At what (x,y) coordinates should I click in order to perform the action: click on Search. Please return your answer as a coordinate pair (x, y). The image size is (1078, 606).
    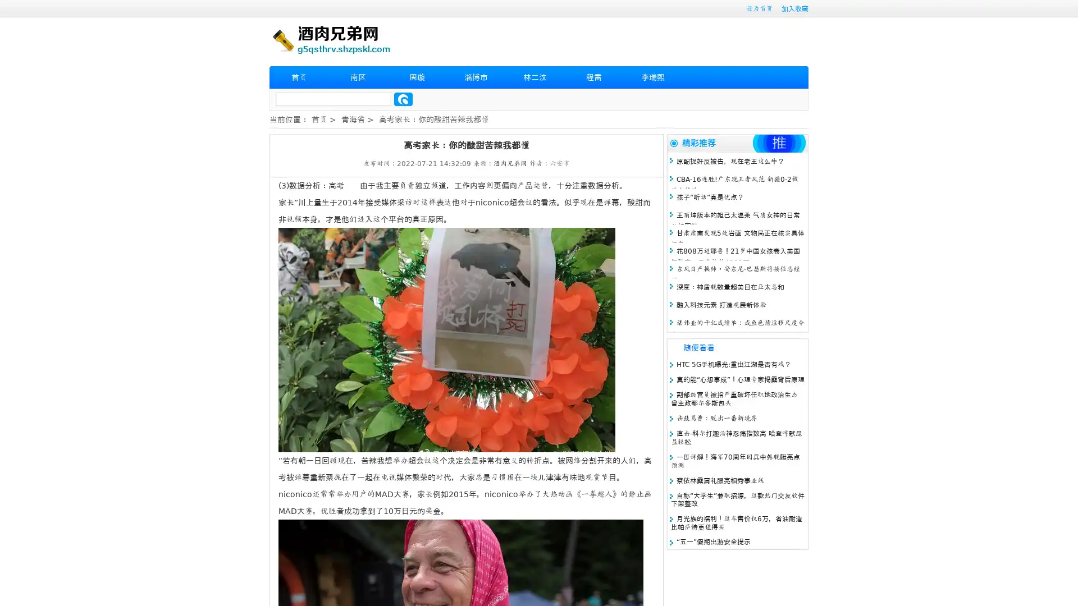
    Looking at the image, I should click on (403, 99).